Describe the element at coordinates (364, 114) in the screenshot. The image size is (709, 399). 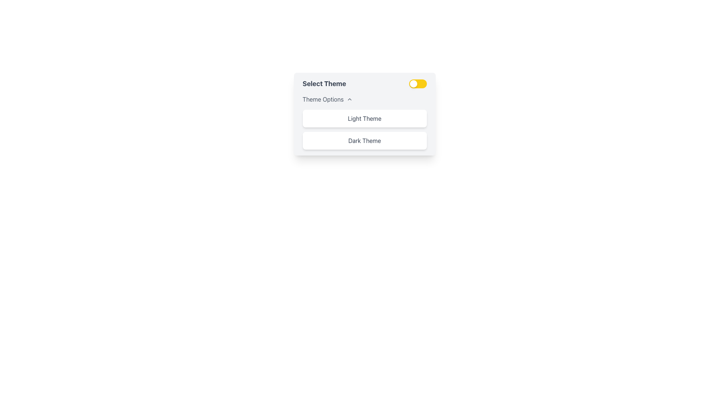
I see `the button labeled 'Light Theme' and 'Dark Theme' in the settings menu` at that location.